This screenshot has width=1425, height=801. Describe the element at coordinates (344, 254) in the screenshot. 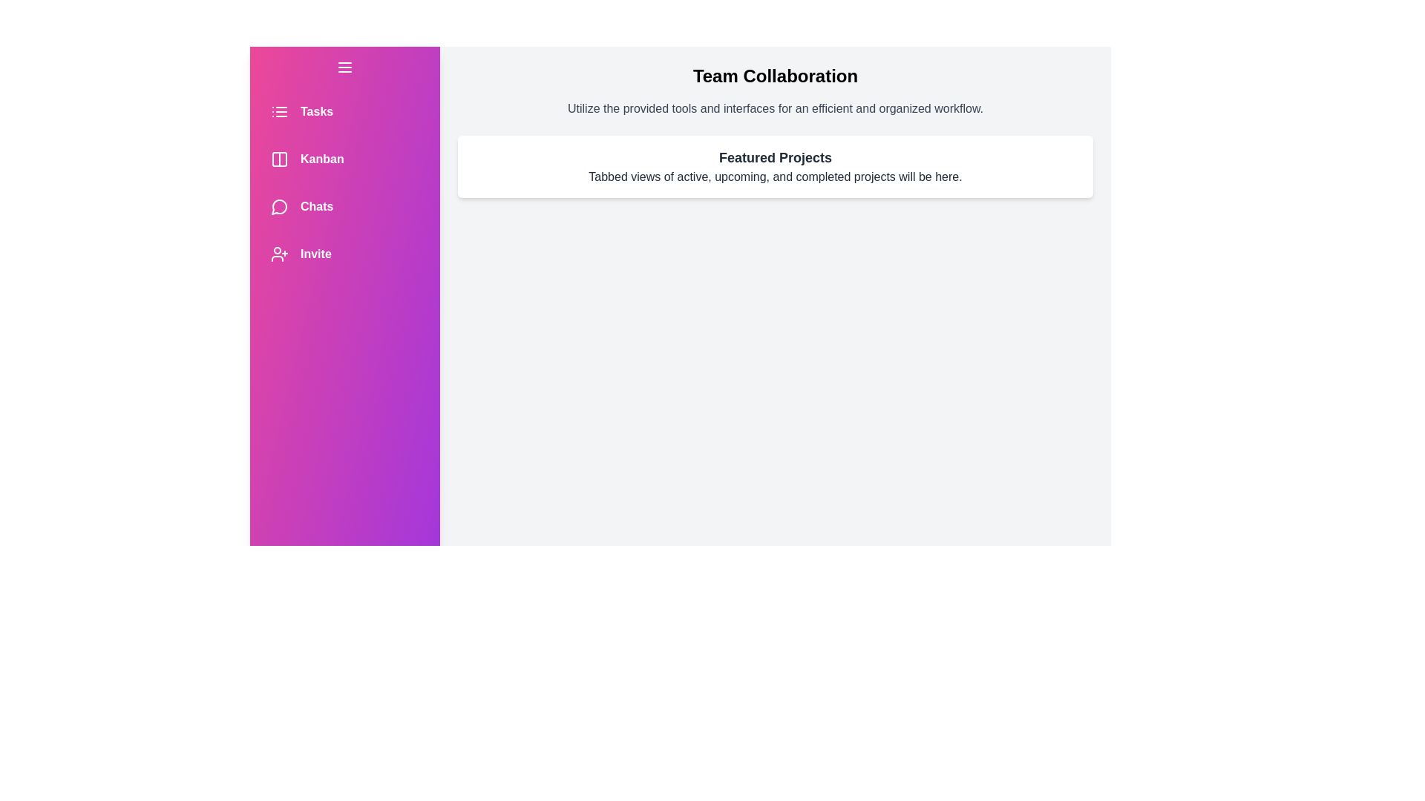

I see `the navigation item Invite from the drawer` at that location.